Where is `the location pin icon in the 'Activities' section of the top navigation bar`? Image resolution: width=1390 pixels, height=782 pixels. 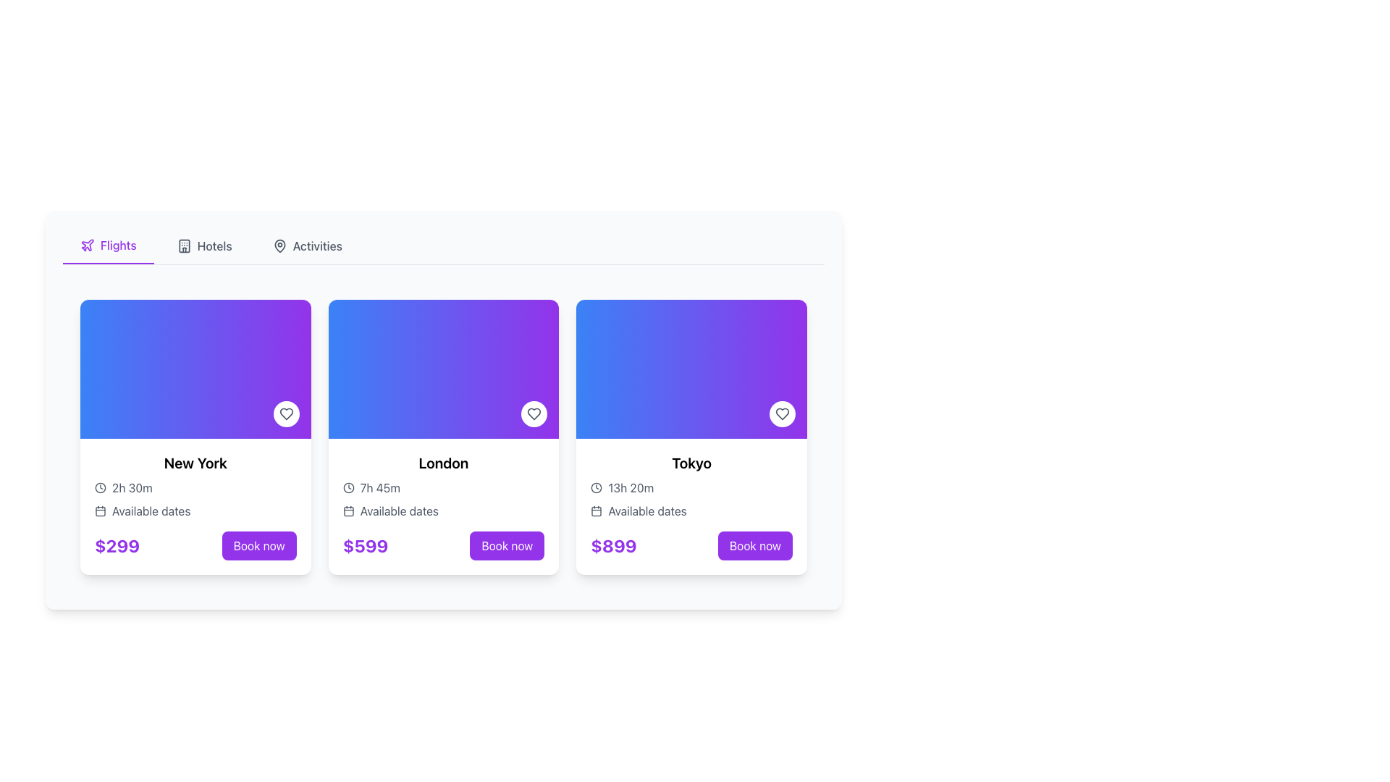
the location pin icon in the 'Activities' section of the top navigation bar is located at coordinates (279, 245).